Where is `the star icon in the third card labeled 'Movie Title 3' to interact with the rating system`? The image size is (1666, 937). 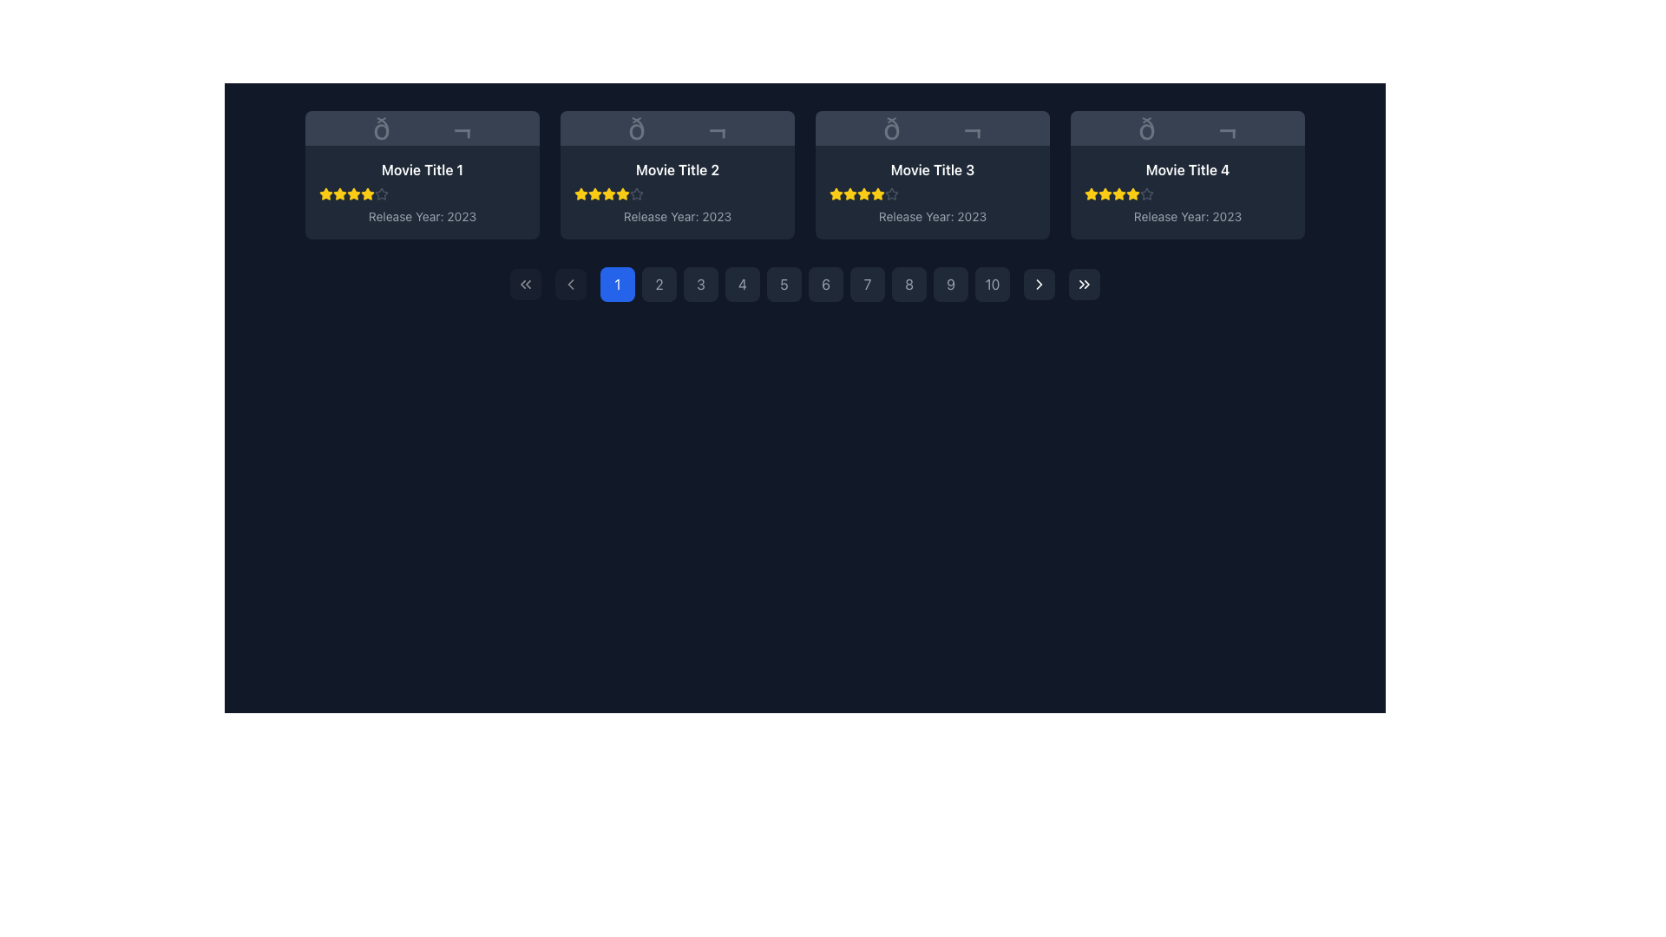 the star icon in the third card labeled 'Movie Title 3' to interact with the rating system is located at coordinates (864, 193).